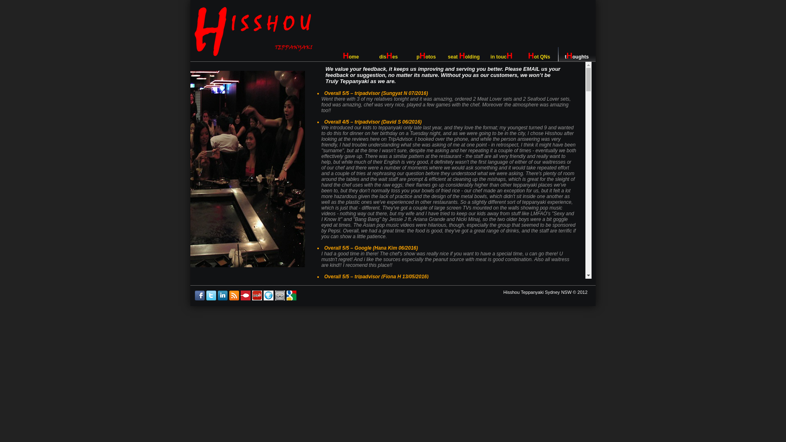 The height and width of the screenshot is (442, 786). I want to click on 'EMAIL', so click(522, 68).